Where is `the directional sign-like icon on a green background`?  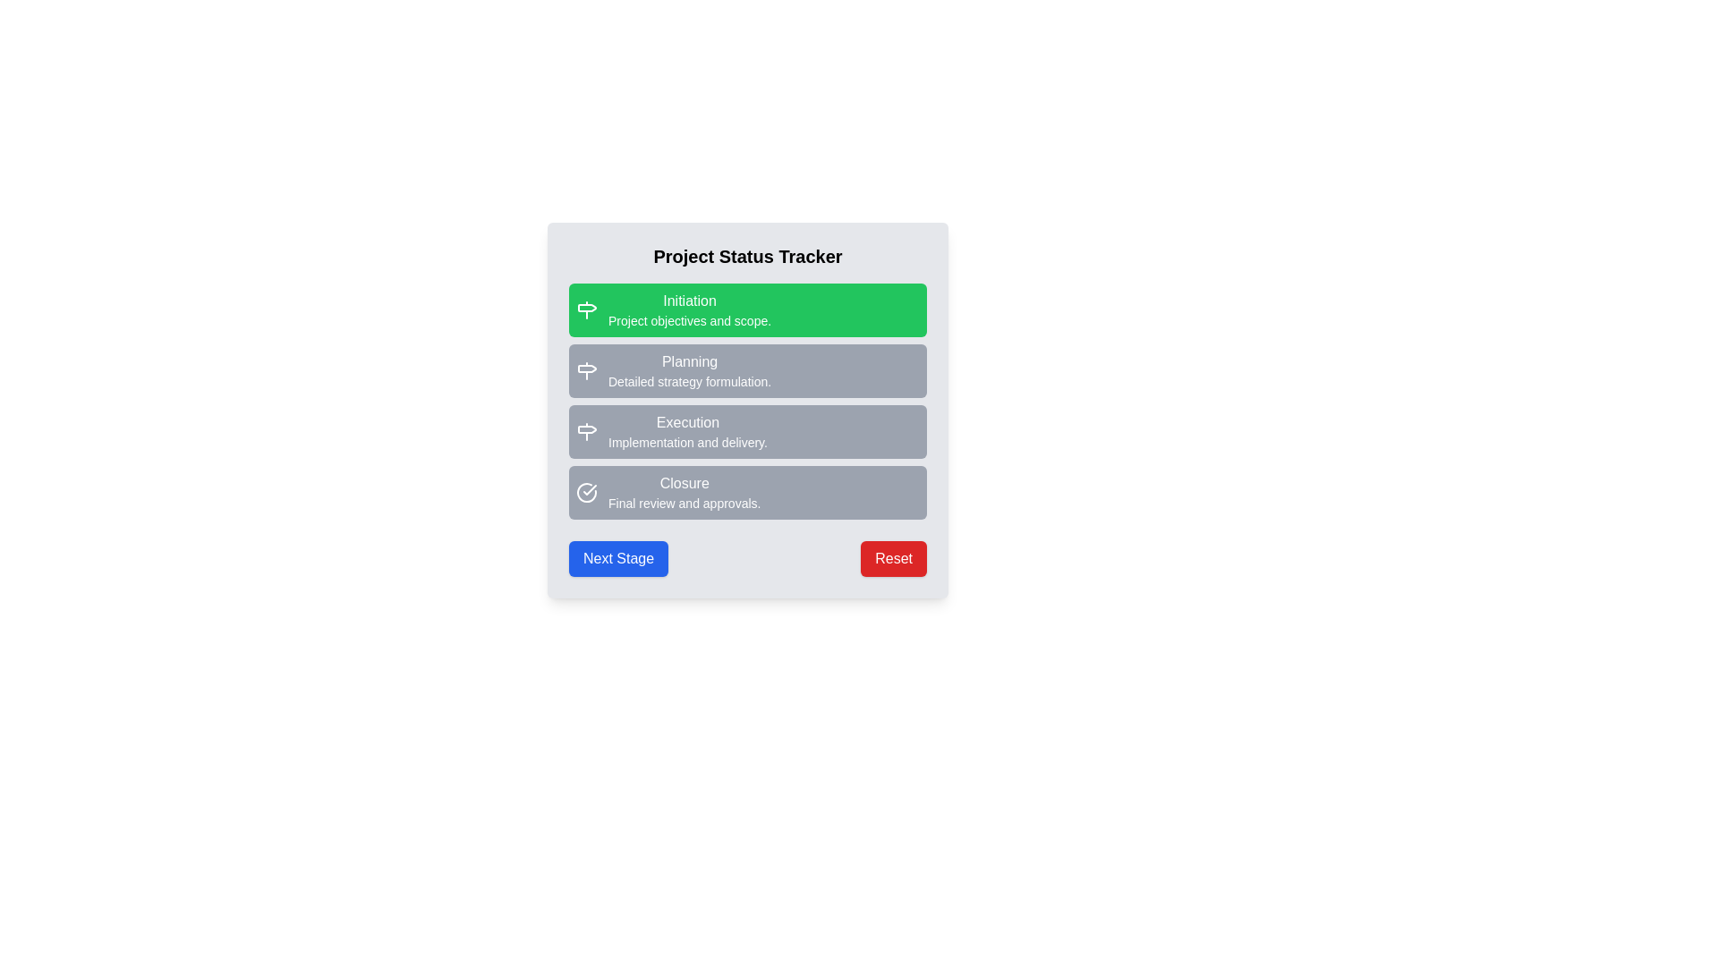 the directional sign-like icon on a green background is located at coordinates (587, 309).